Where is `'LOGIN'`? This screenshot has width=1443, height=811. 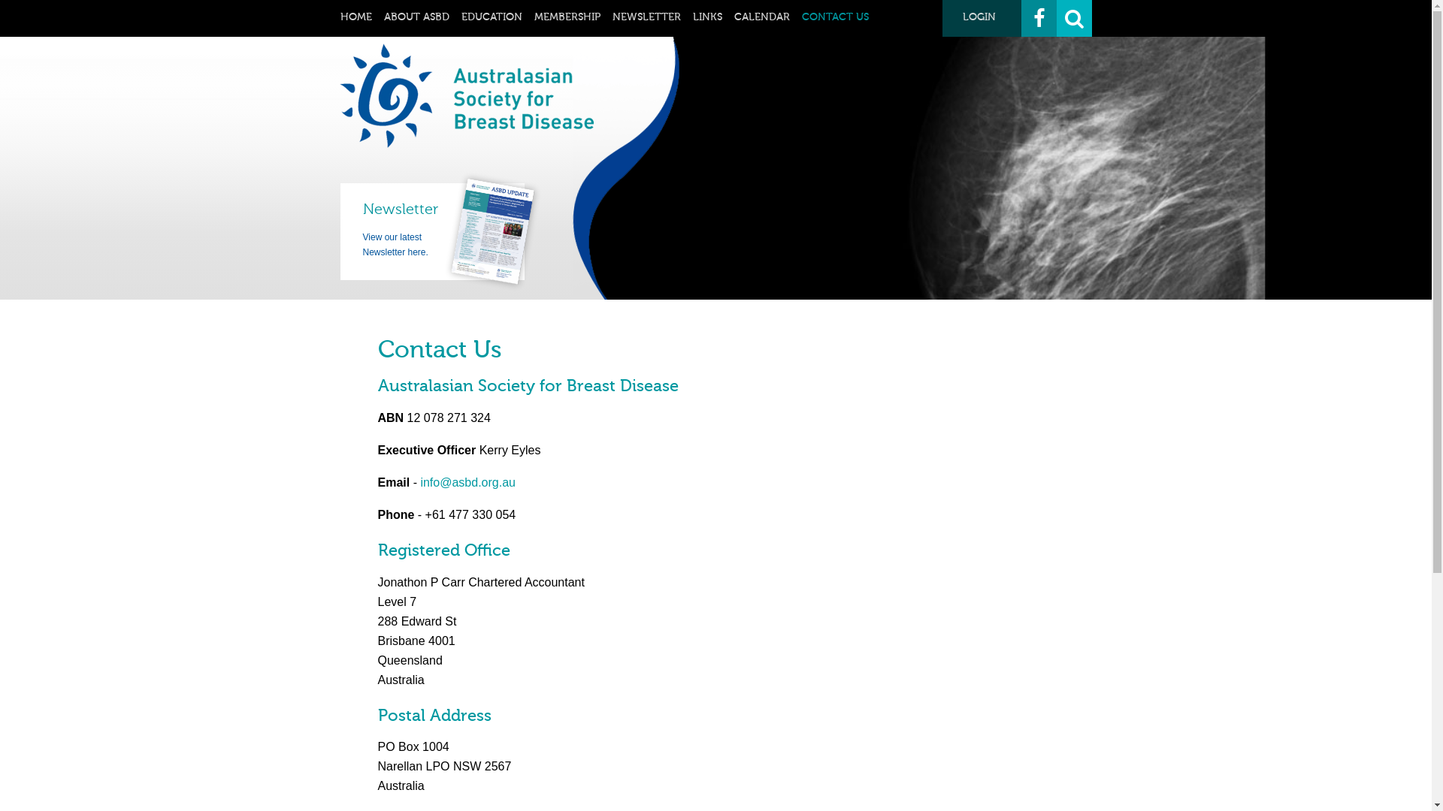
'LOGIN' is located at coordinates (982, 18).